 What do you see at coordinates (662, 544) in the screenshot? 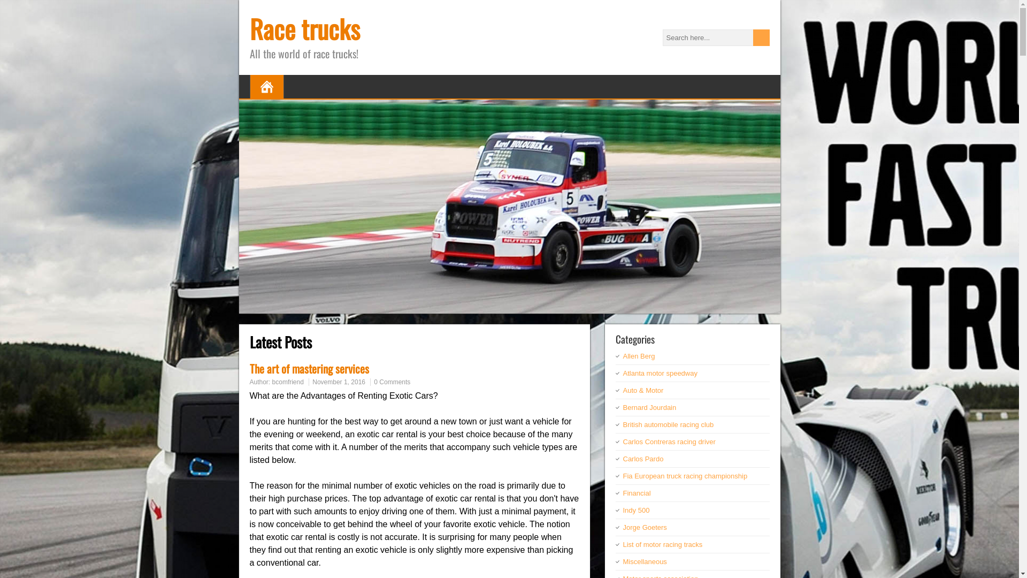
I see `'List of motor racing tracks'` at bounding box center [662, 544].